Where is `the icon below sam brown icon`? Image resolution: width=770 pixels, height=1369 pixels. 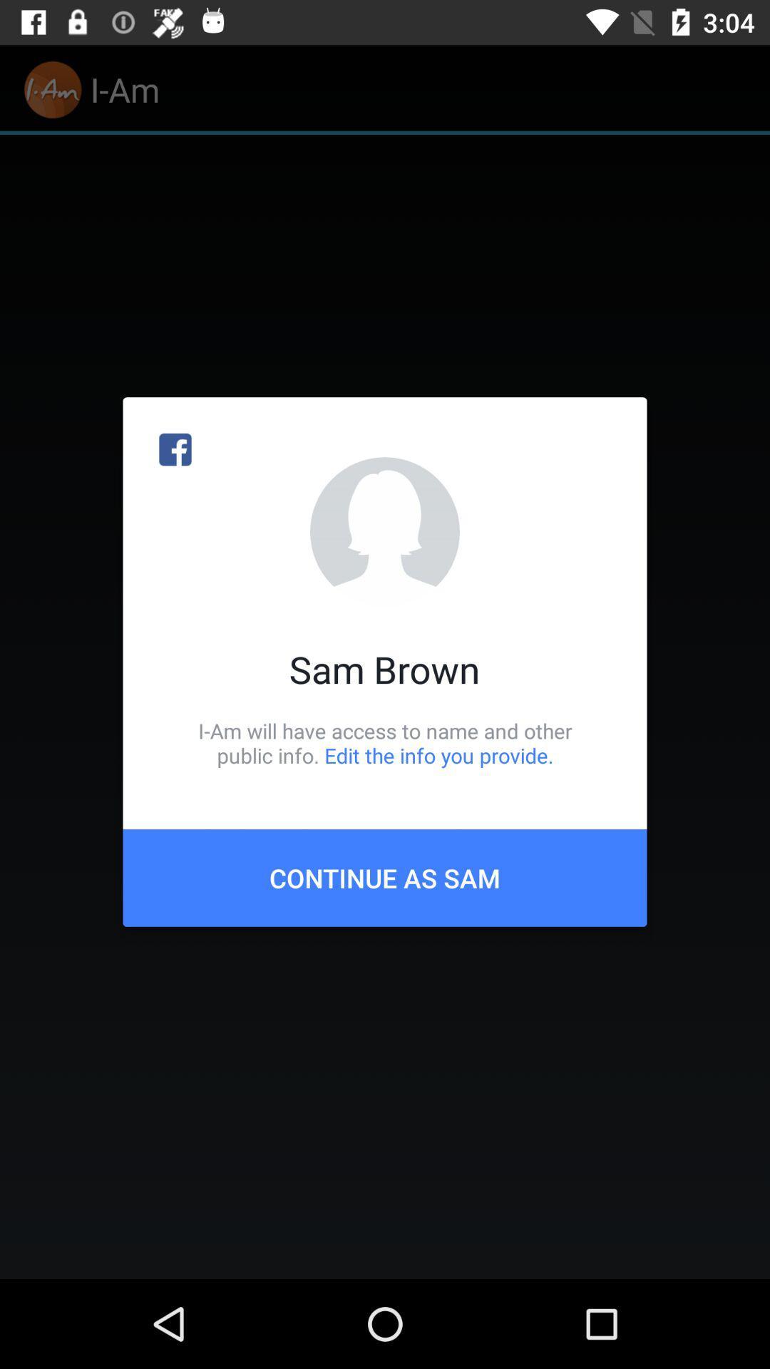
the icon below sam brown icon is located at coordinates (385, 742).